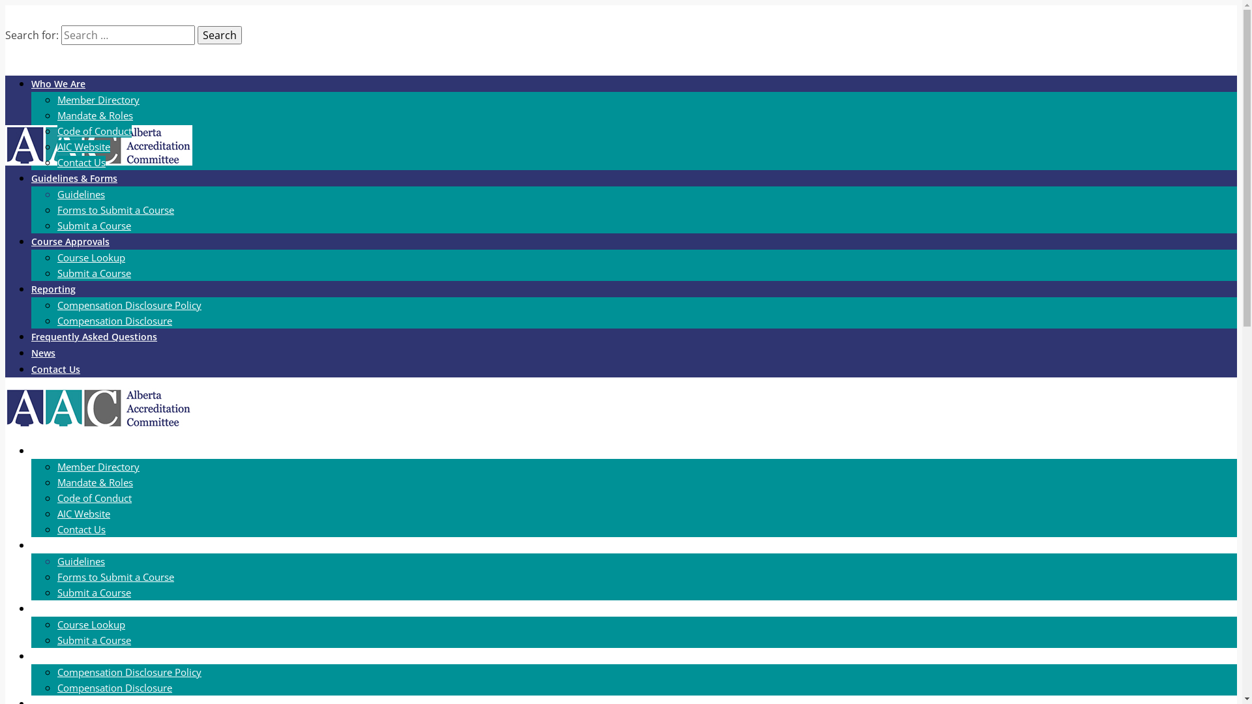  What do you see at coordinates (74, 178) in the screenshot?
I see `'Guidelines & Forms'` at bounding box center [74, 178].